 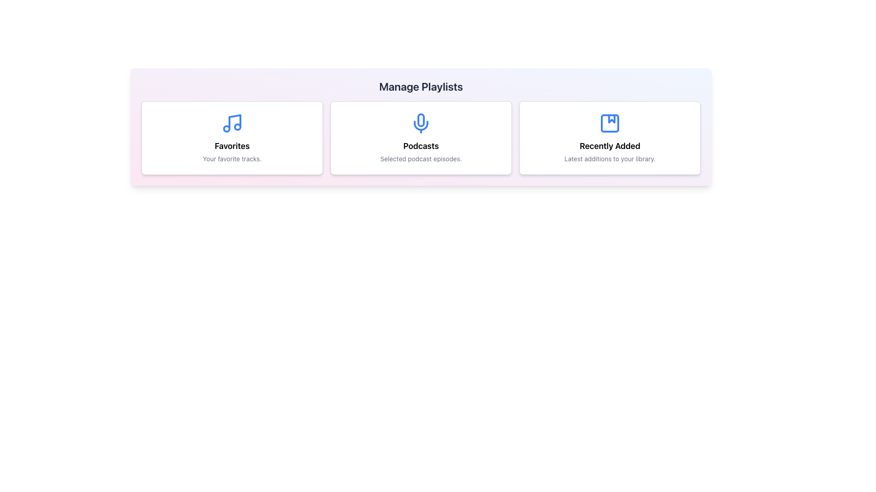 What do you see at coordinates (420, 86) in the screenshot?
I see `the heading text element that indicates the purpose of managing playlists, located above the interactive cards labeled 'Favorites', 'Podcasts', and 'Recently Added'` at bounding box center [420, 86].